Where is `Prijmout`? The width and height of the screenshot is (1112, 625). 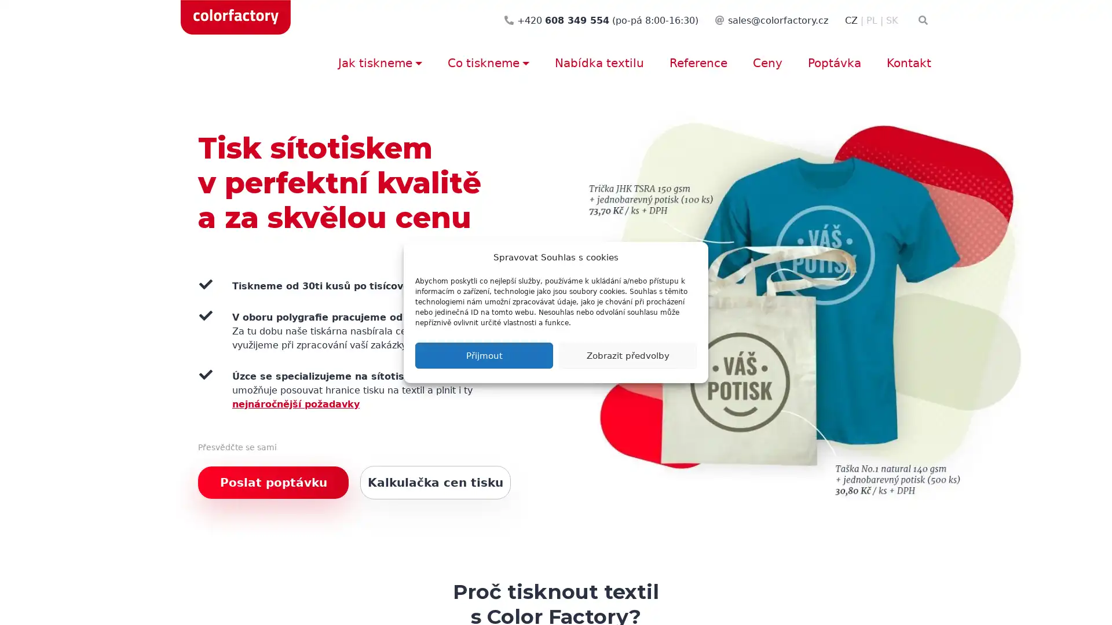
Prijmout is located at coordinates (484, 355).